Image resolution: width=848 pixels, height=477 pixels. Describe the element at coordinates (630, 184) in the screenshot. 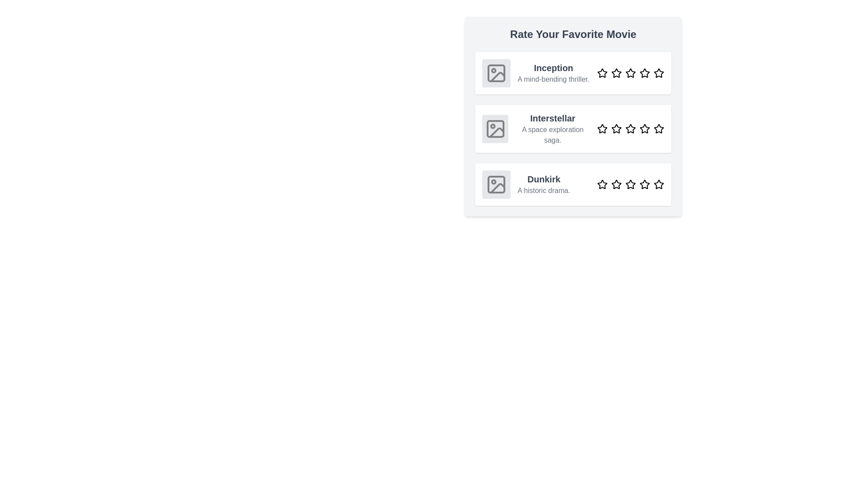

I see `the third star in the five-star rating system for the movie Dunkirk` at that location.